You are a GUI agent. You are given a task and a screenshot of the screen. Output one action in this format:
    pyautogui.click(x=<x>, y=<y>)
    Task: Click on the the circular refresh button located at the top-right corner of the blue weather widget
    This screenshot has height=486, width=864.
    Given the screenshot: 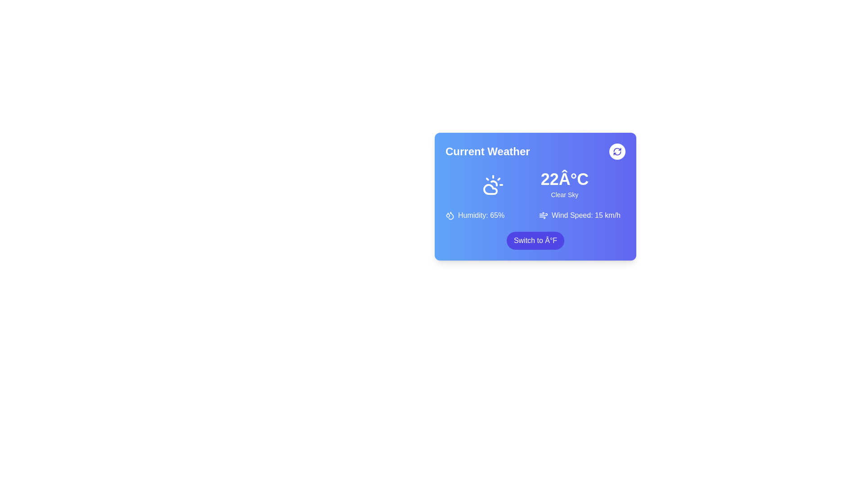 What is the action you would take?
    pyautogui.click(x=617, y=151)
    